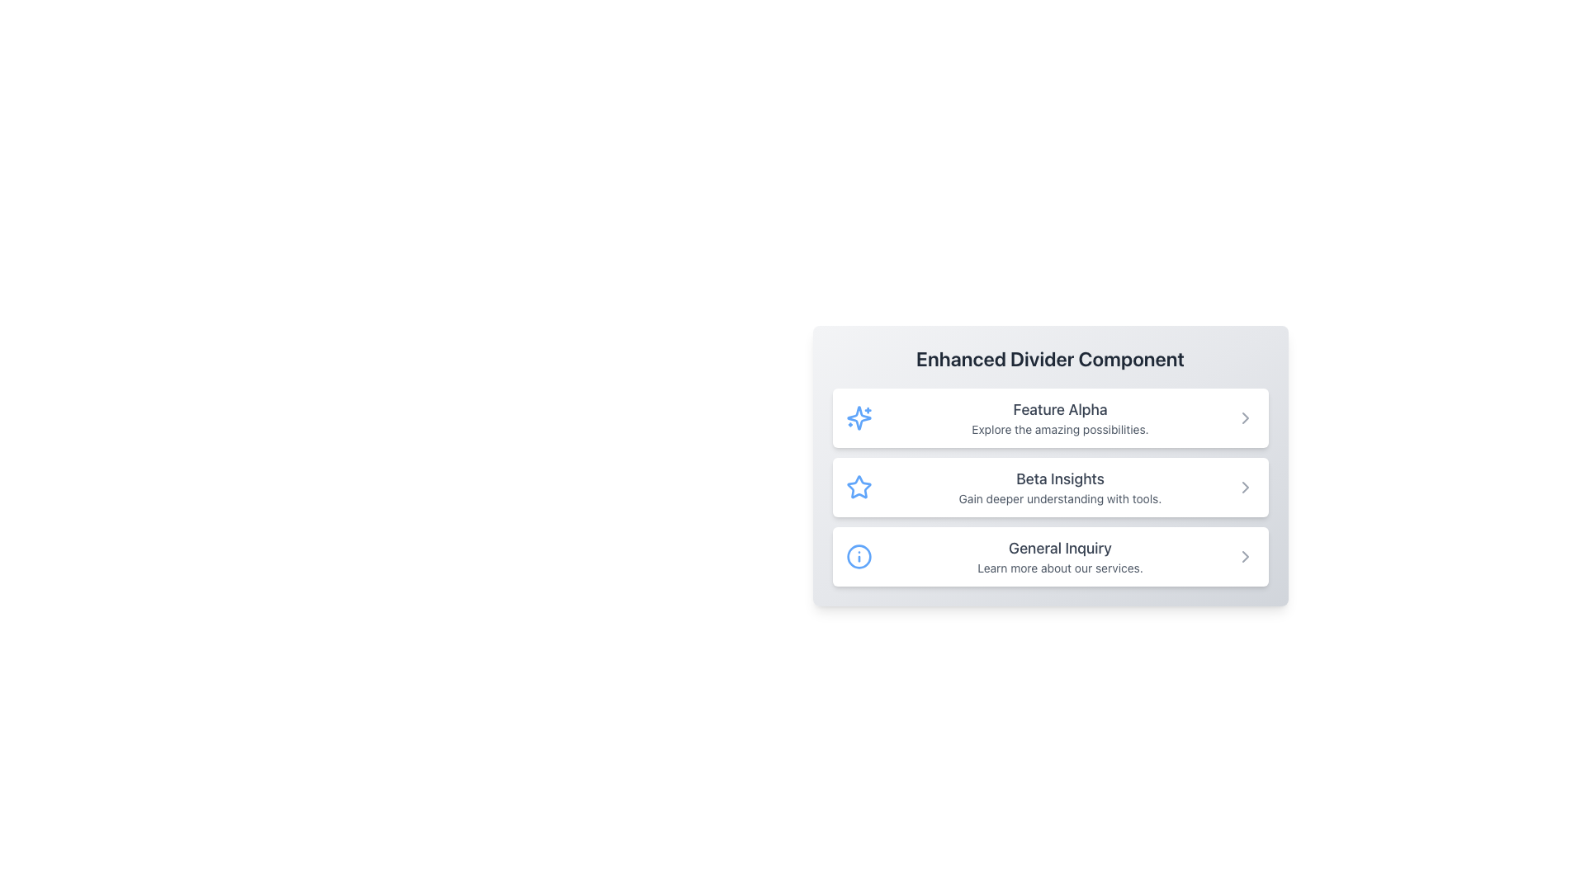 The height and width of the screenshot is (891, 1585). Describe the element at coordinates (1245, 486) in the screenshot. I see `the right-pointing chevron icon with gray color and circular edges located at the far right of the 'Beta Insights' section` at that location.